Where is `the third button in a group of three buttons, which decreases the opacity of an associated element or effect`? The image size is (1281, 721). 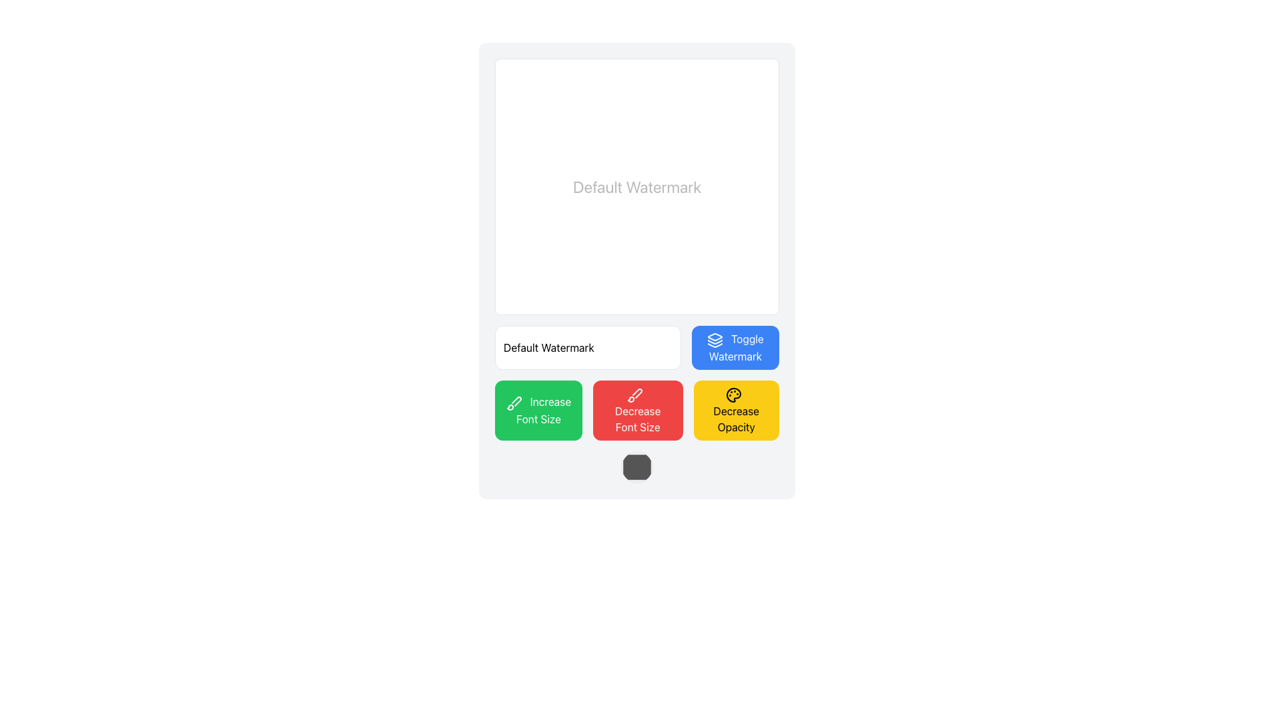 the third button in a group of three buttons, which decreases the opacity of an associated element or effect is located at coordinates (735, 409).